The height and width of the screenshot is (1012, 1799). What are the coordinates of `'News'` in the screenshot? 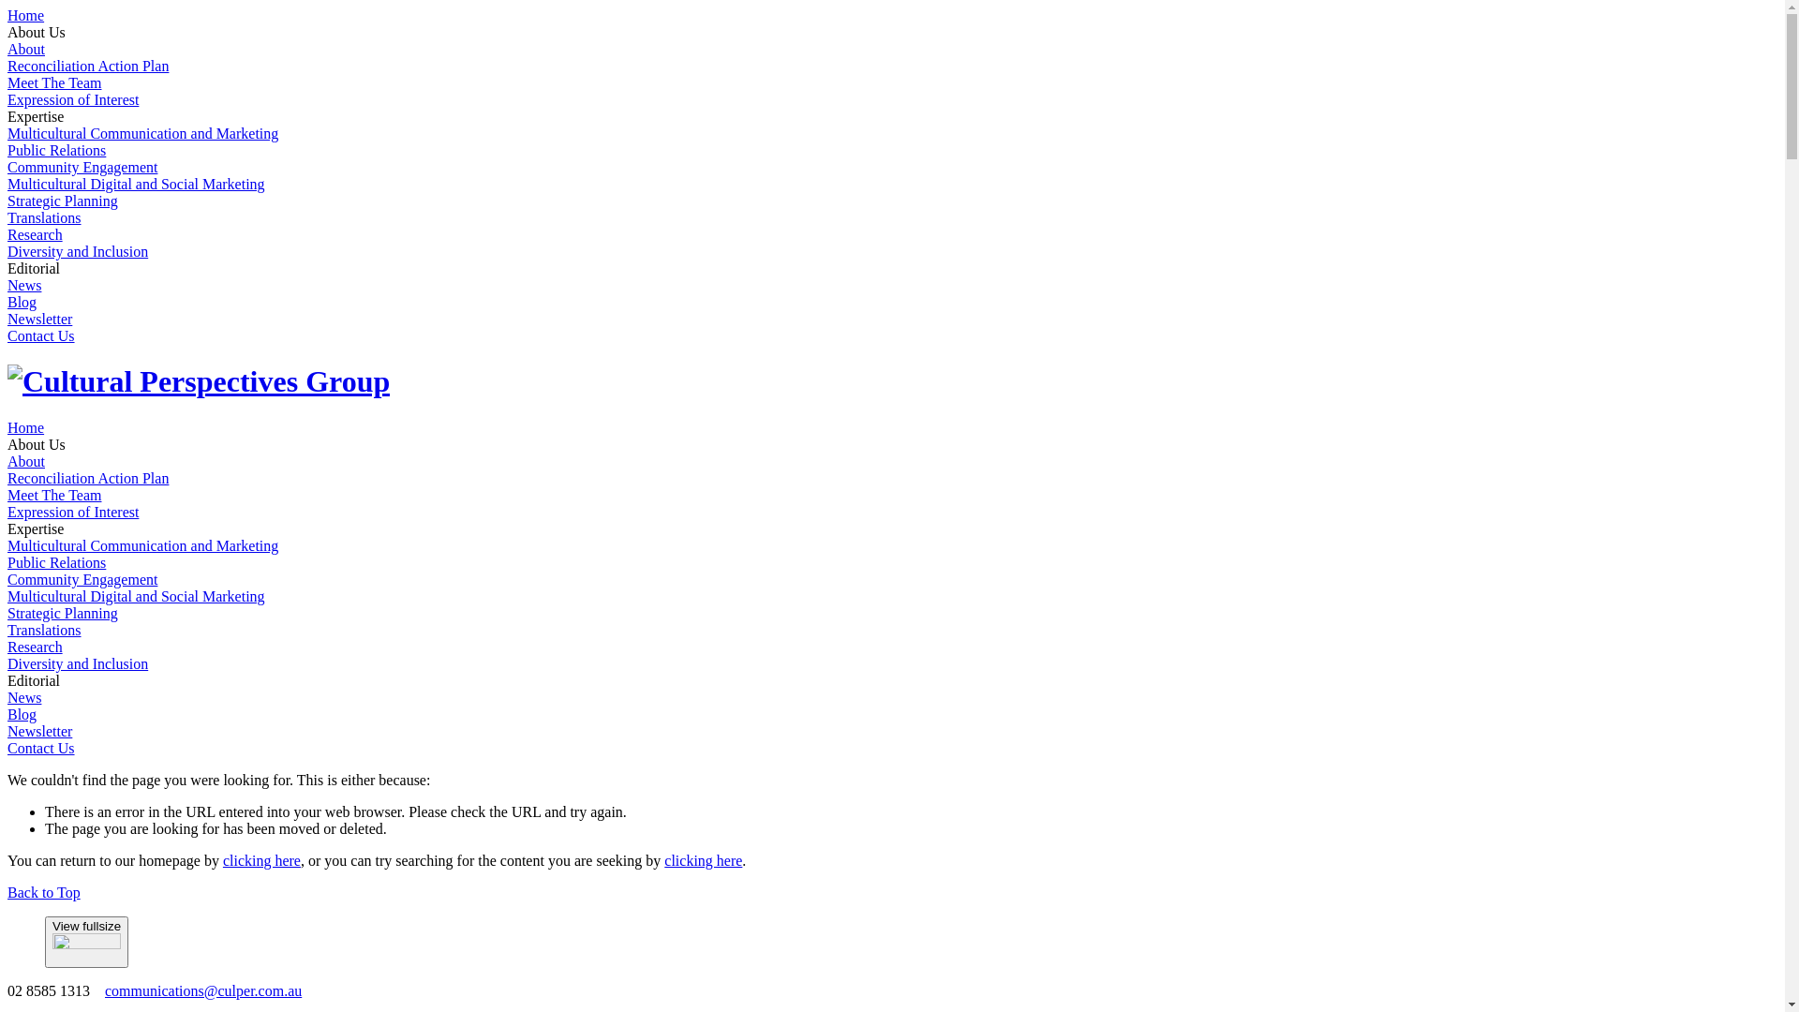 It's located at (7, 697).